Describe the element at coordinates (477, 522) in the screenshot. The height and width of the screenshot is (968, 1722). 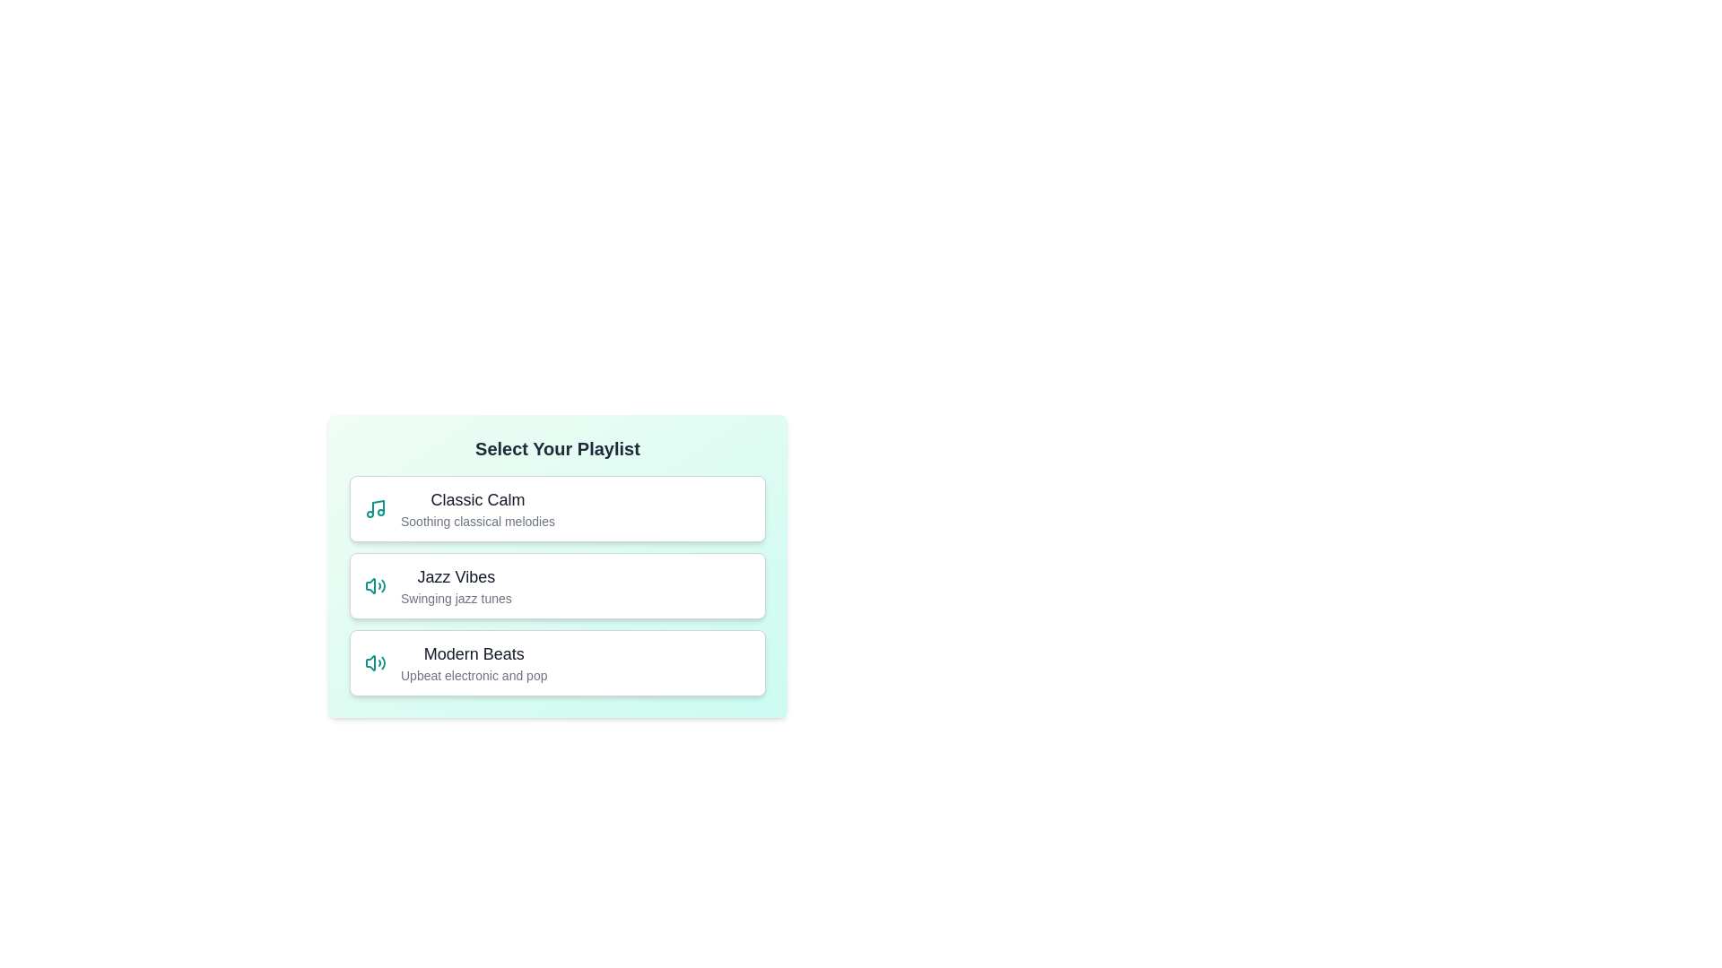
I see `the descriptive summary text of the playlist 'Classic Calm', which is located below the title and is part of the first playlist option in the selection box` at that location.